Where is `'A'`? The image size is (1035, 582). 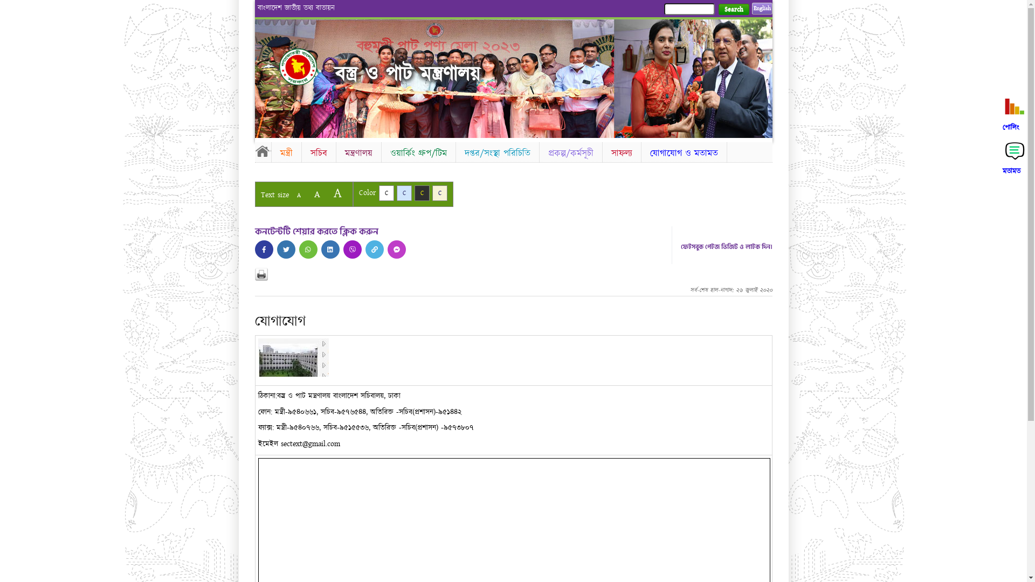 'A' is located at coordinates (298, 195).